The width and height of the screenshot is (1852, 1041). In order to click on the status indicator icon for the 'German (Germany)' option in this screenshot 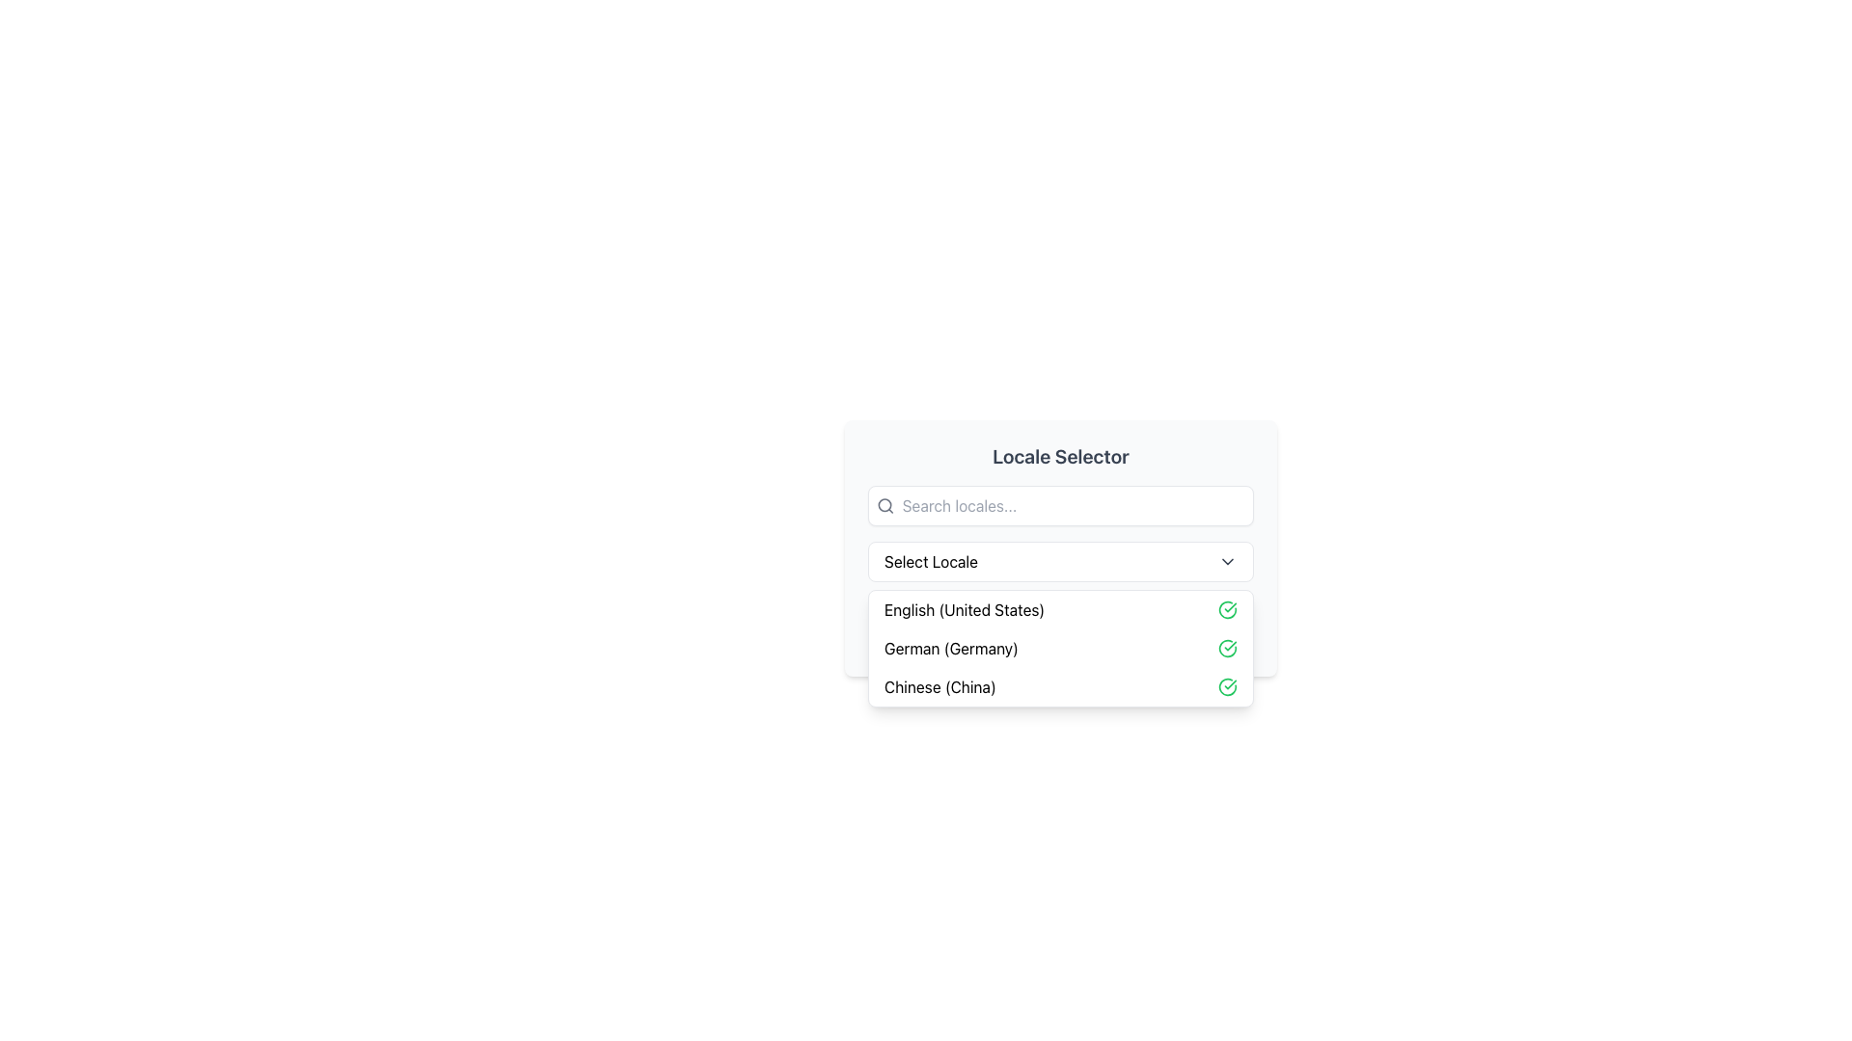, I will do `click(1226, 648)`.